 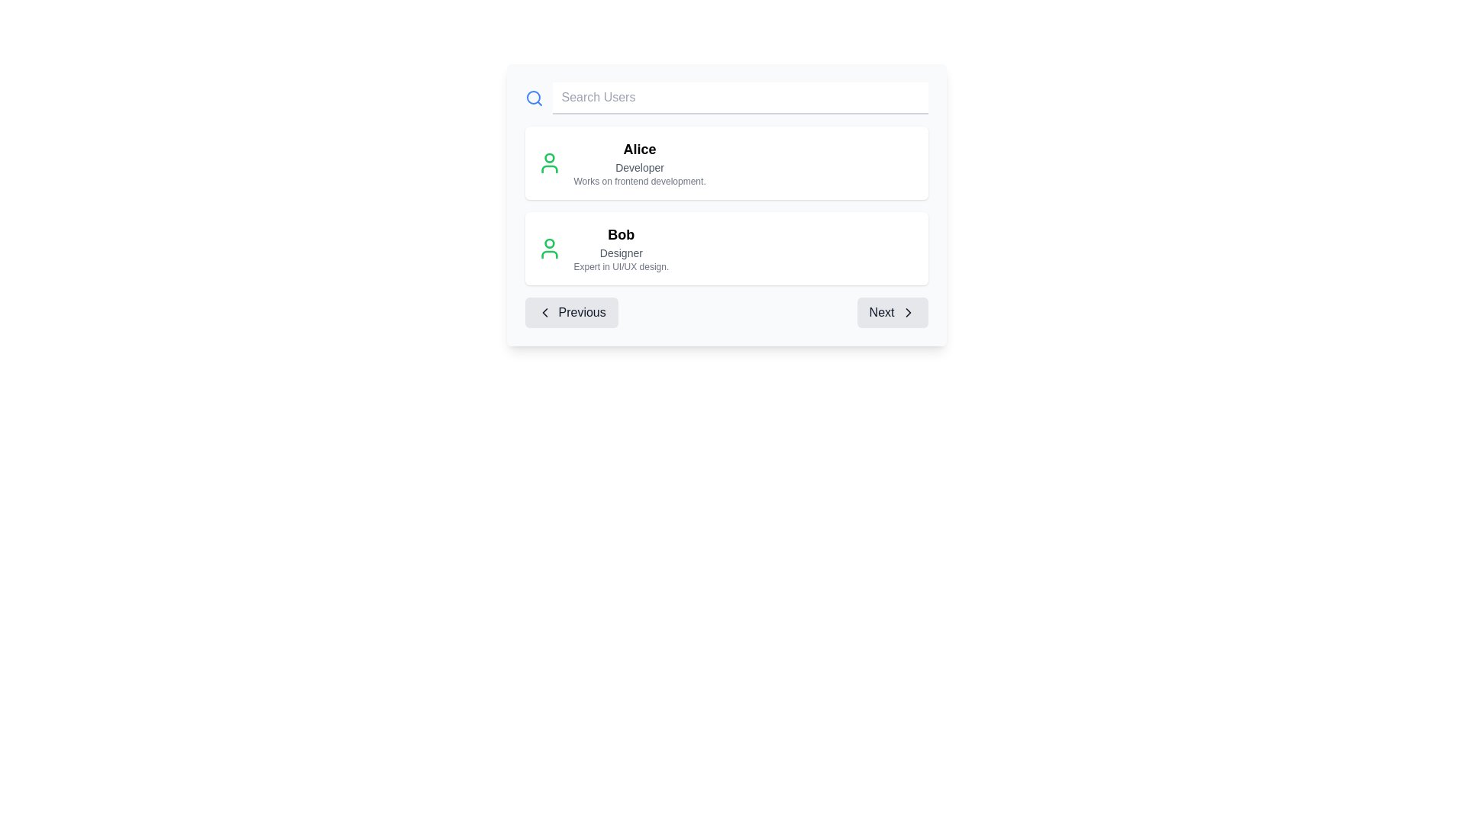 I want to click on the SVG circle element representing the user's profile head component, which is located to the left of the user's name and role details in the user list component, so click(x=549, y=243).